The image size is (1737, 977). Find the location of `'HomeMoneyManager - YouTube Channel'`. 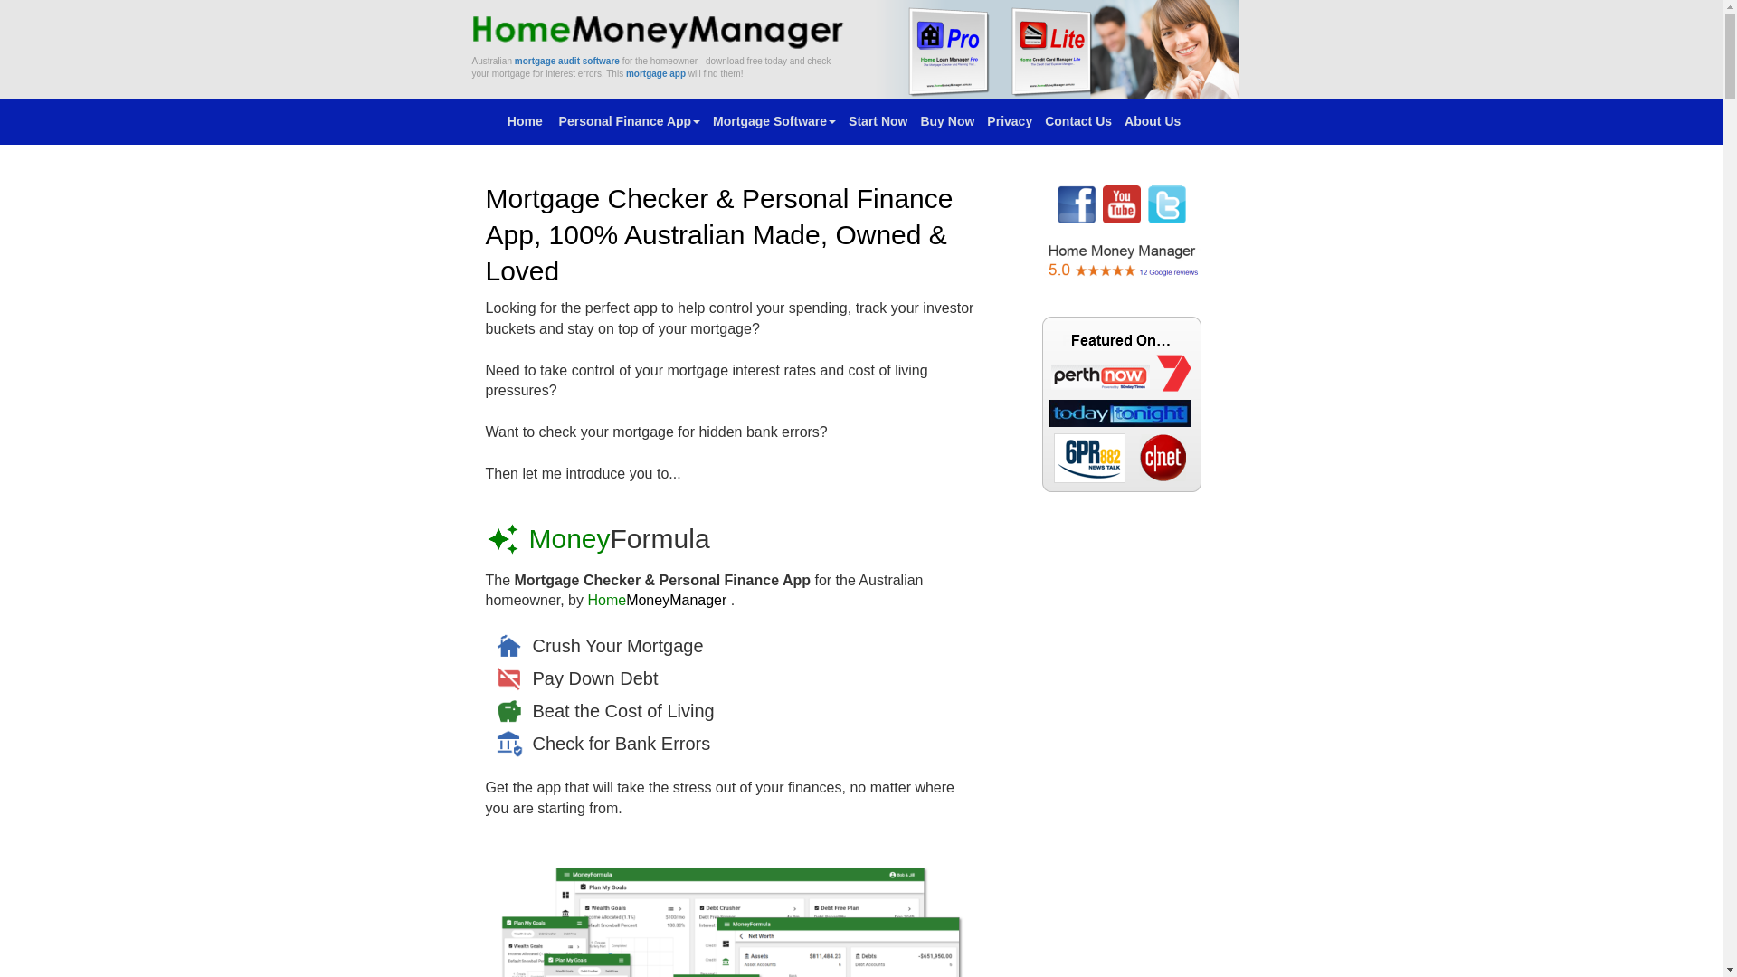

'HomeMoneyManager - YouTube Channel' is located at coordinates (1120, 204).